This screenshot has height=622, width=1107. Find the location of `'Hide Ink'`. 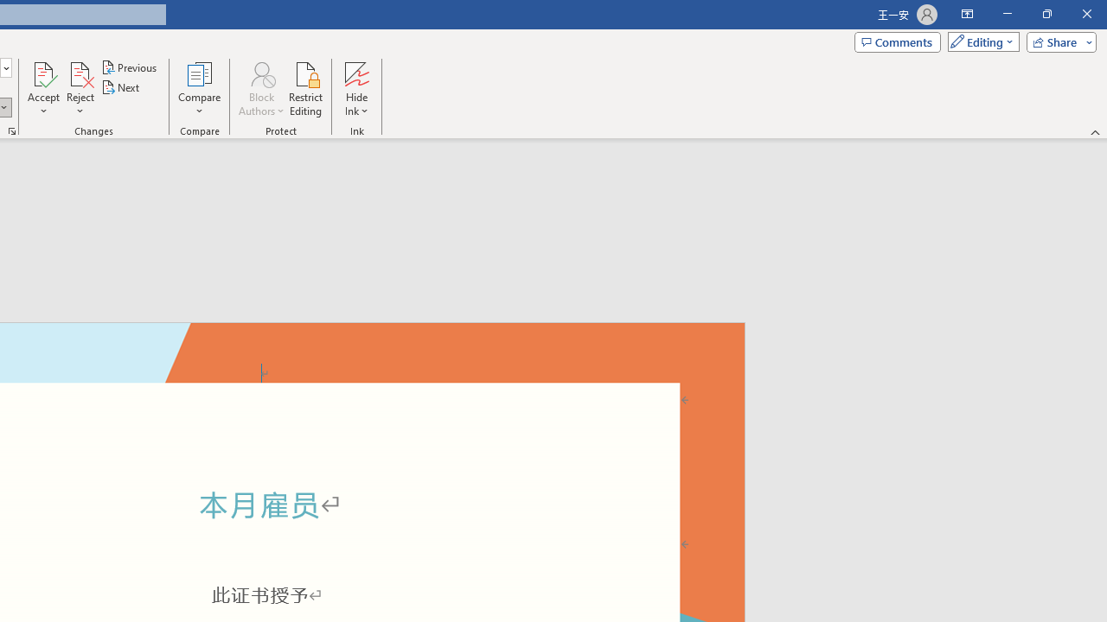

'Hide Ink' is located at coordinates (355, 73).